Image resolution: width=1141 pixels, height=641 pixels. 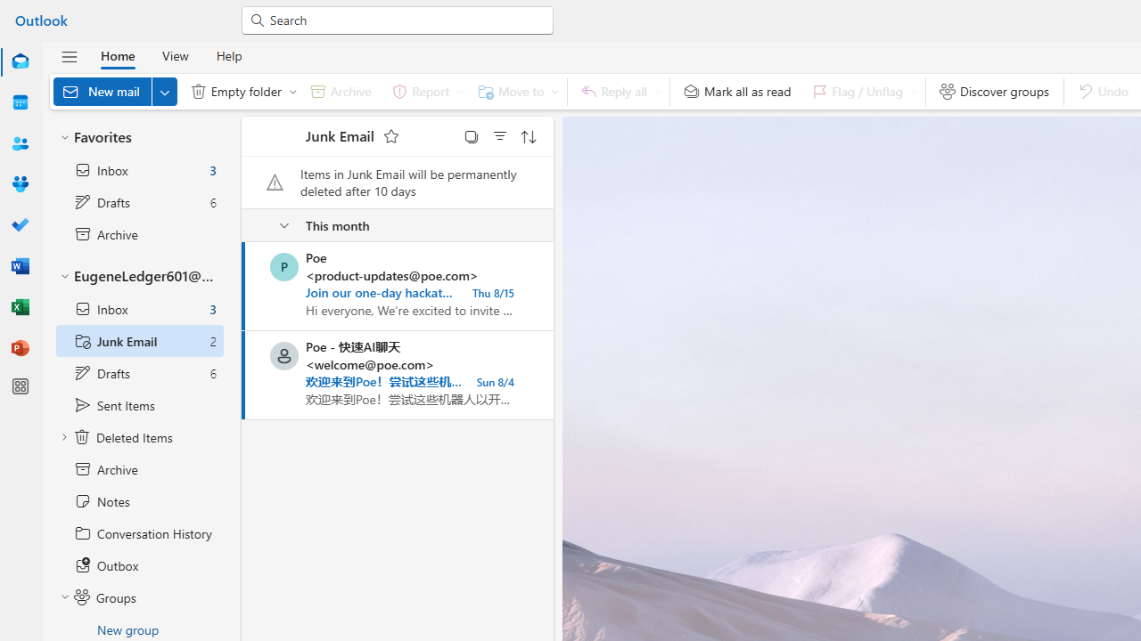 What do you see at coordinates (21, 349) in the screenshot?
I see `'PowerPoint'` at bounding box center [21, 349].